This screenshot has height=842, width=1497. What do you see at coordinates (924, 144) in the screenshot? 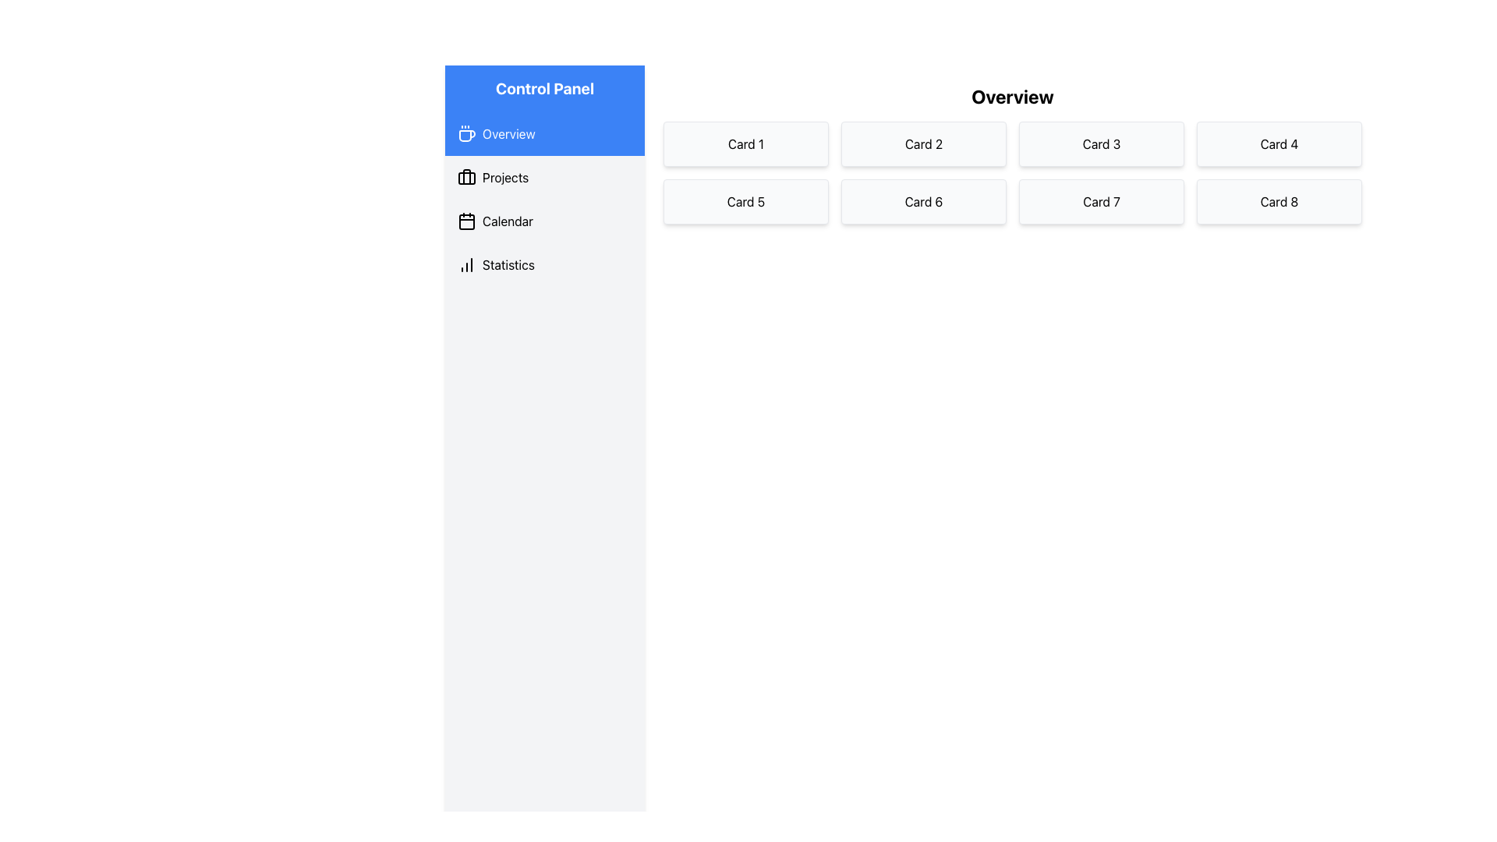
I see `the text label 'Card 2' which is centered within the second card in the grid underneath the header 'Overview'` at bounding box center [924, 144].